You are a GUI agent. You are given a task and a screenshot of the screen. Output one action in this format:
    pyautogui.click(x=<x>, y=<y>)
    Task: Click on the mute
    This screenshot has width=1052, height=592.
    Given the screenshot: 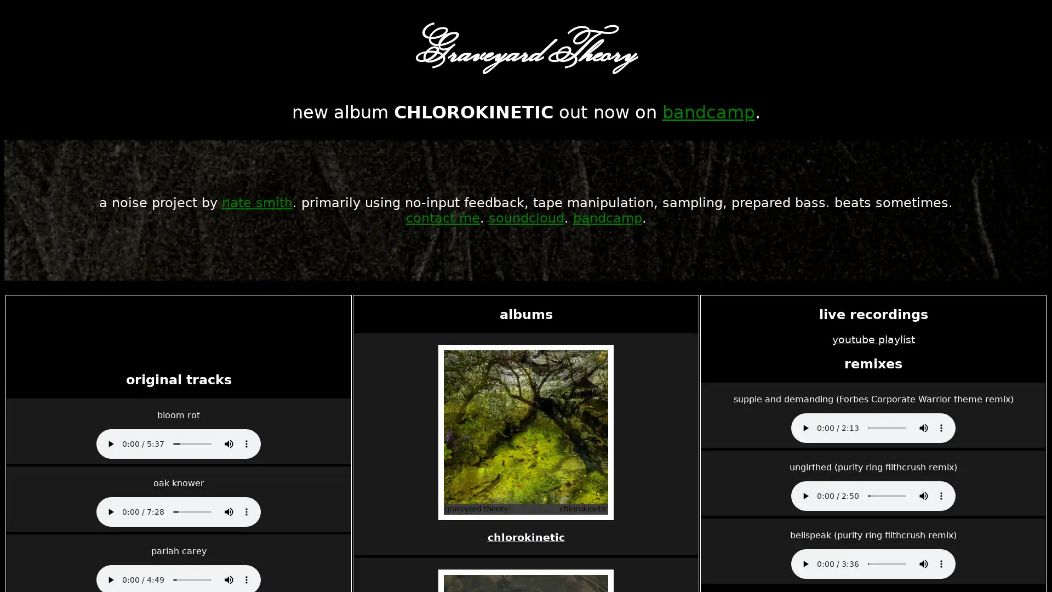 What is the action you would take?
    pyautogui.click(x=228, y=511)
    